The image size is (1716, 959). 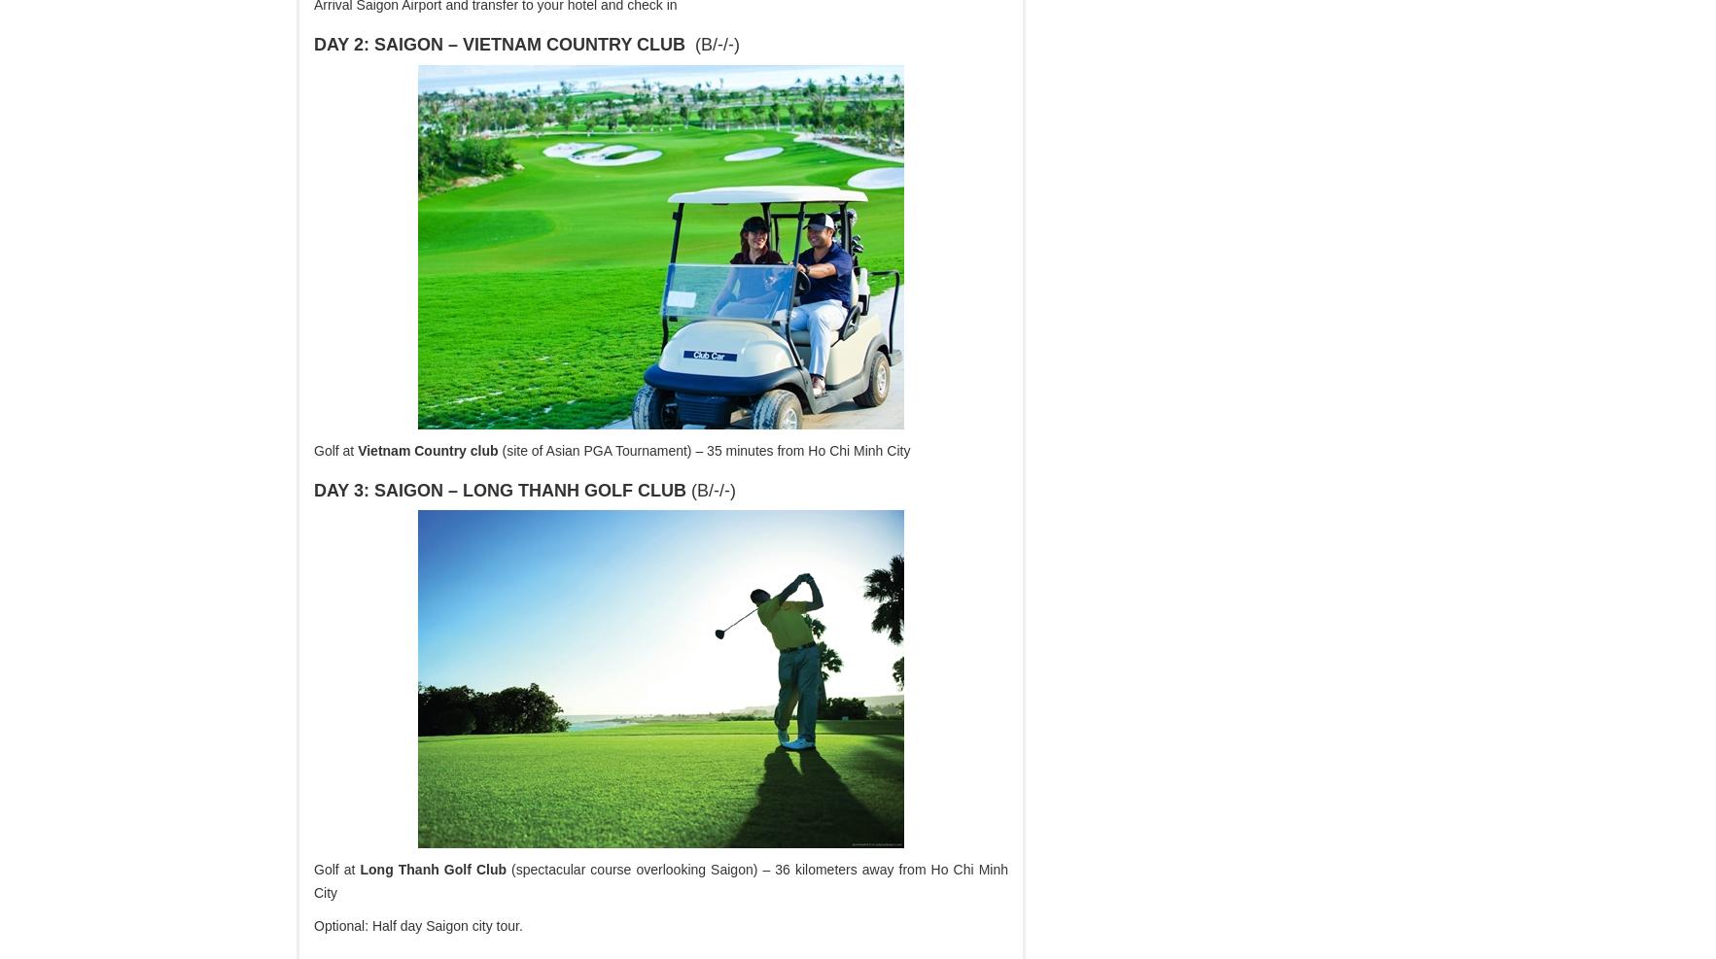 I want to click on 'Long Thanh Golf Club', so click(x=431, y=869).